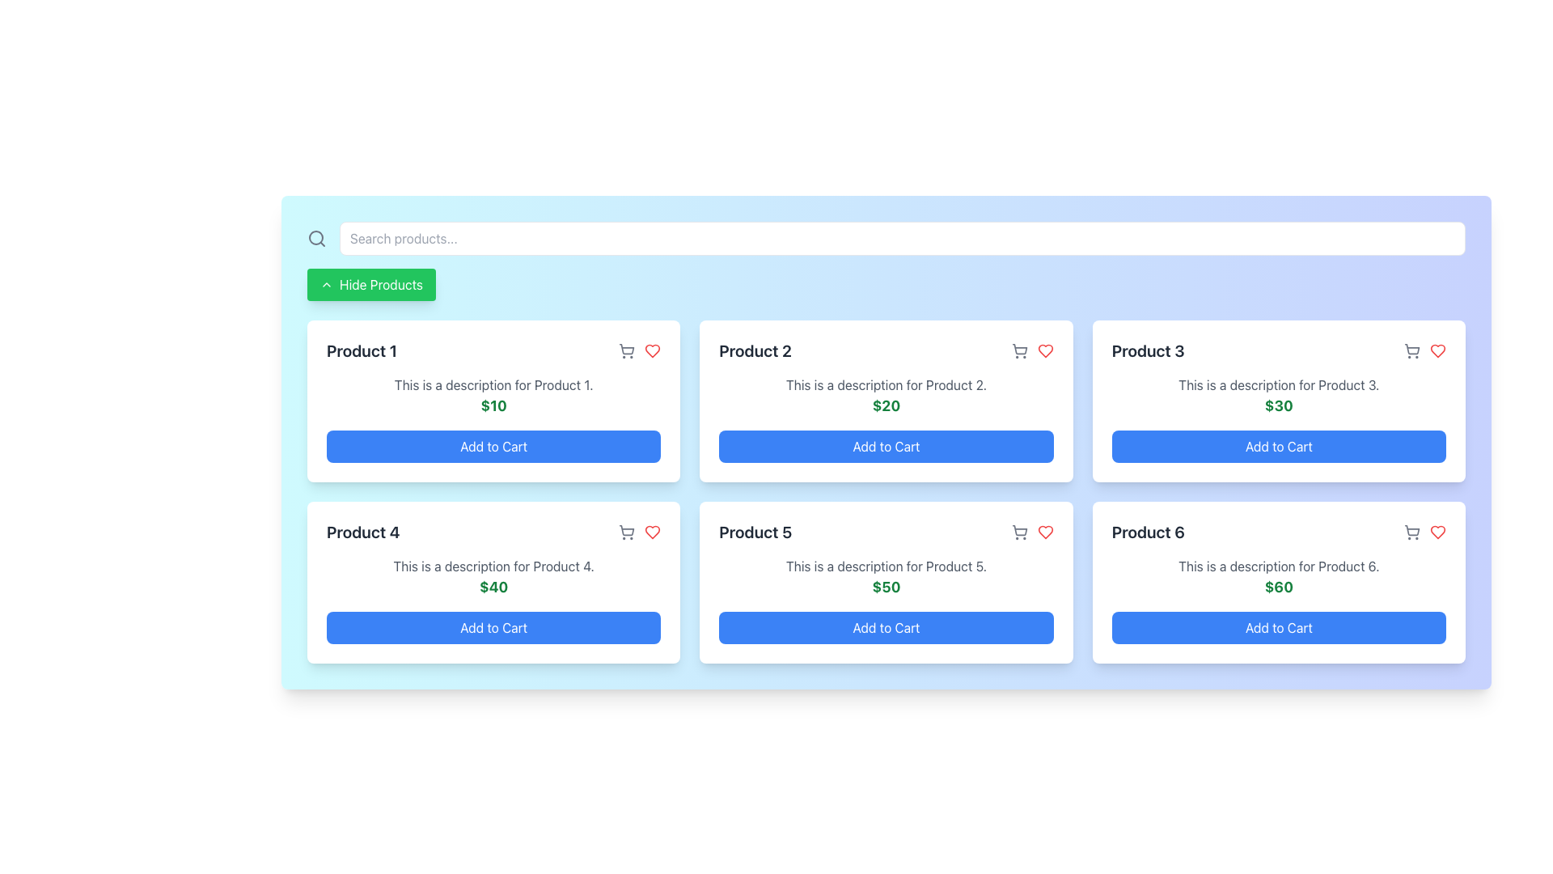 This screenshot has width=1553, height=874. Describe the element at coordinates (1147, 532) in the screenshot. I see `the text label 'Product 6', which is styled in bold and large font, located at the top-left section of the sixth product card in a grid layout` at that location.